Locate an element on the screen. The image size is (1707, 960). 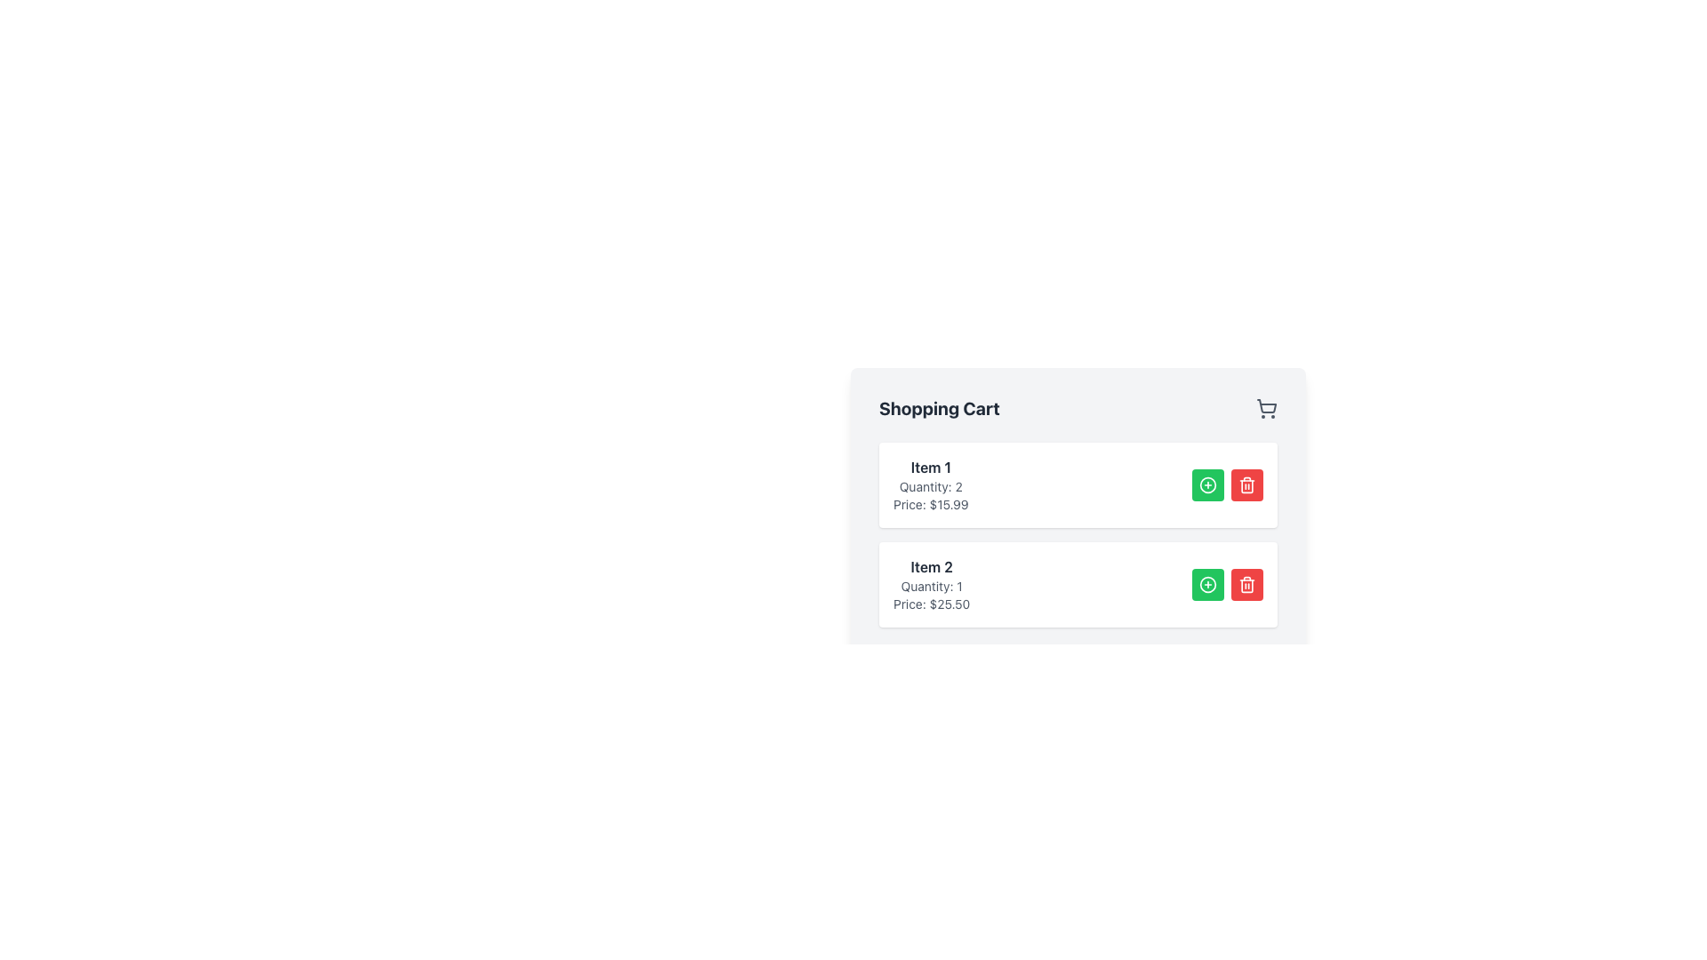
the primary text block in the first item entry of the shopping cart that provides details about the item including its name, quantity, and price is located at coordinates (930, 485).